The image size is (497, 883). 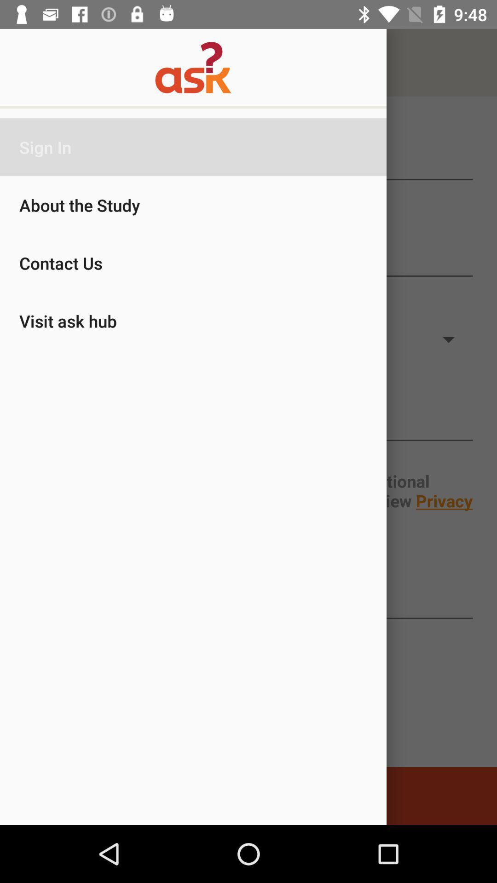 What do you see at coordinates (248, 258) in the screenshot?
I see `text above visit ask hub` at bounding box center [248, 258].